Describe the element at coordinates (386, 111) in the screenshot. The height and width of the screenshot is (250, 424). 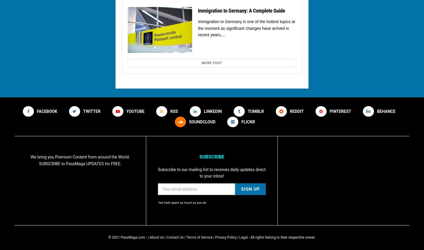
I see `'Behance'` at that location.